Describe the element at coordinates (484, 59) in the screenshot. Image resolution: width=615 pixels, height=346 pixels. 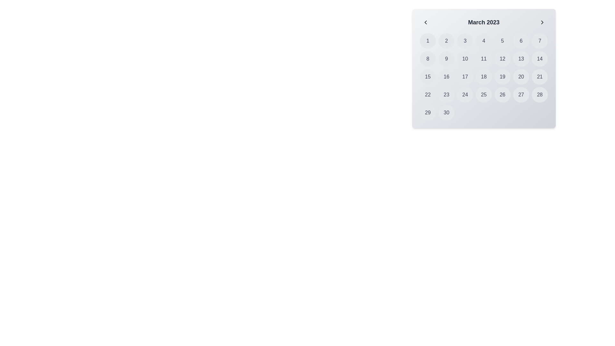
I see `the rounded button with a light gray background and dark gray text displaying the number '11'` at that location.